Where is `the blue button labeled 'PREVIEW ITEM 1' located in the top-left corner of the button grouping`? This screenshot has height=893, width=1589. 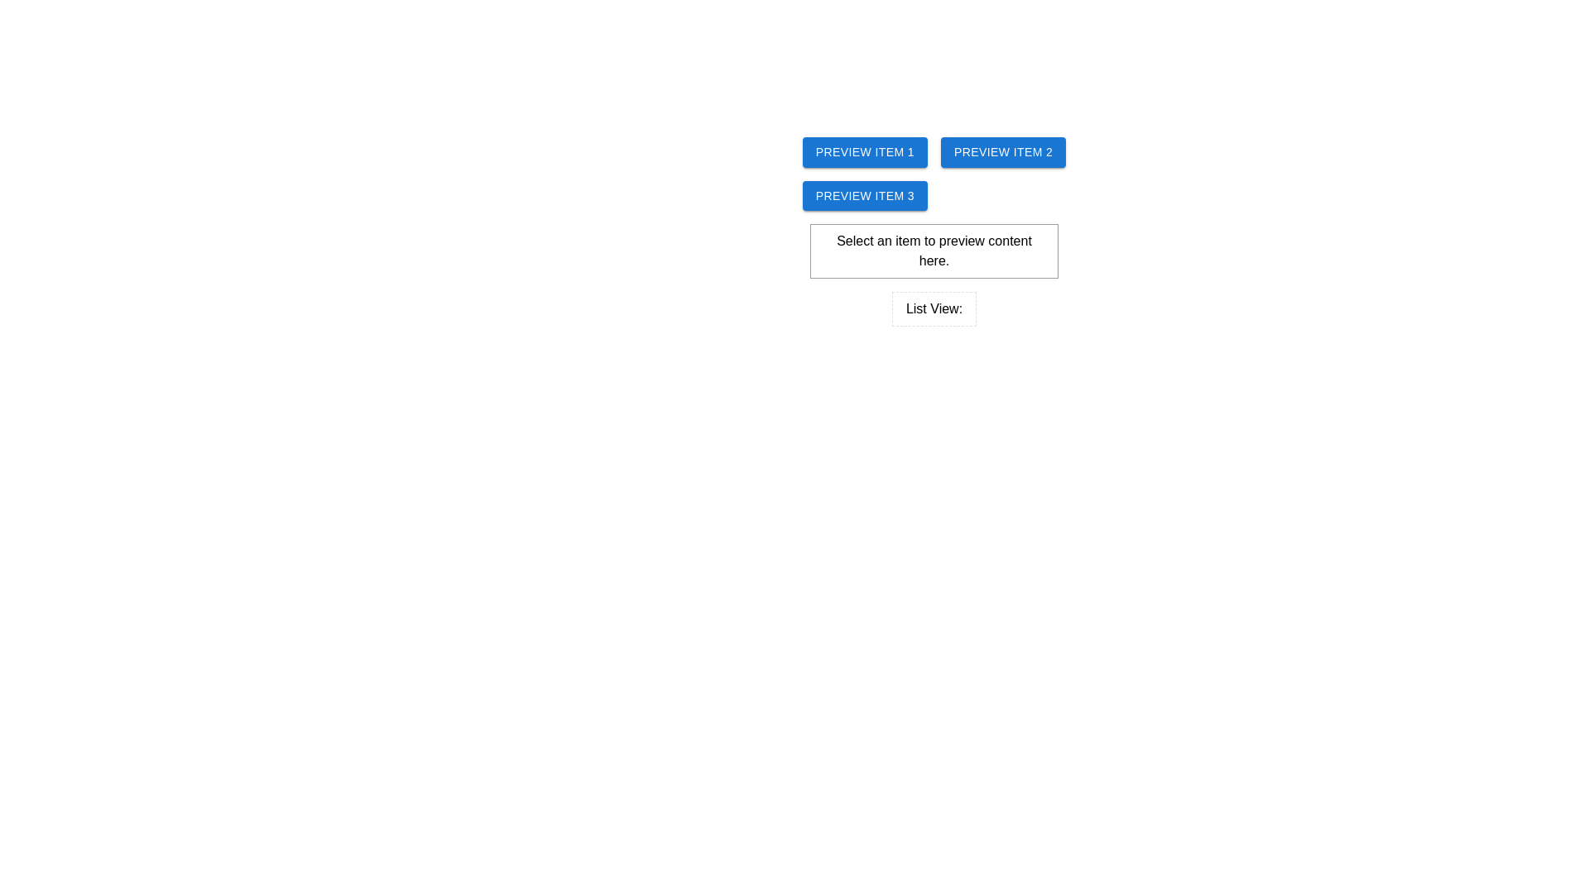 the blue button labeled 'PREVIEW ITEM 1' located in the top-left corner of the button grouping is located at coordinates (864, 152).